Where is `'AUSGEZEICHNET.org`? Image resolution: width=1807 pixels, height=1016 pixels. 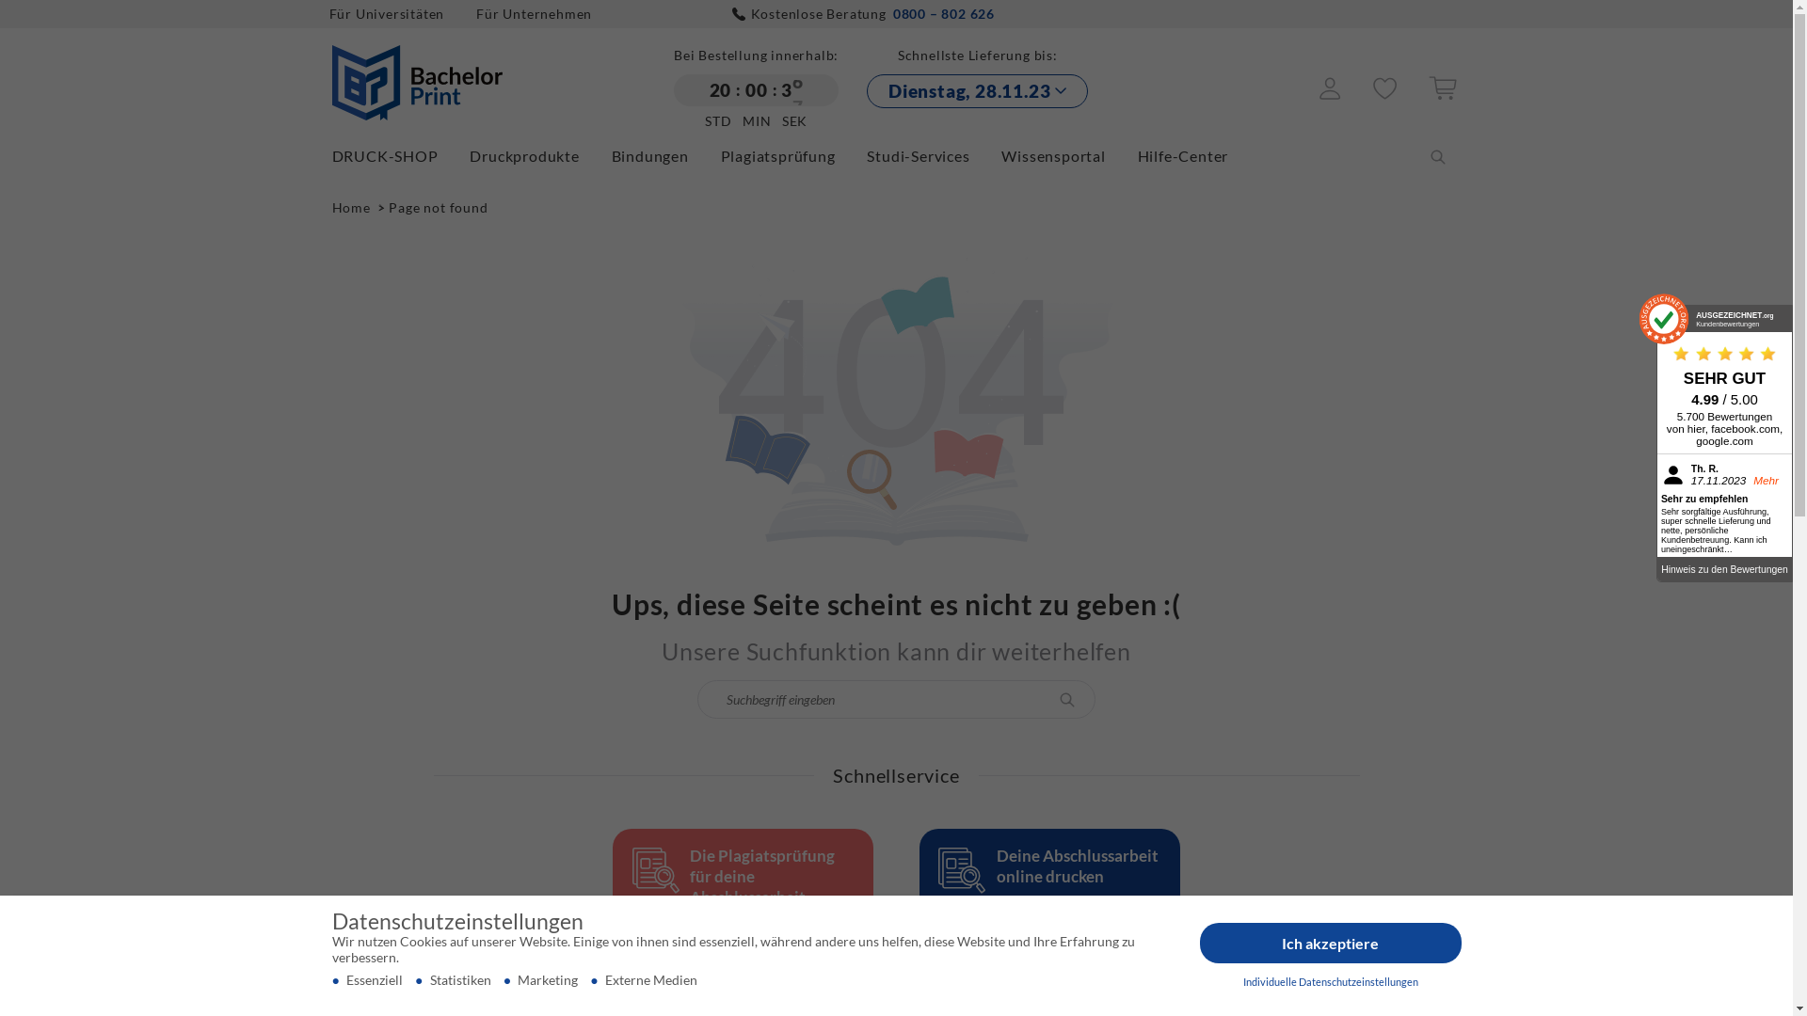 'AUSGEZEICHNET.org is located at coordinates (1724, 318).